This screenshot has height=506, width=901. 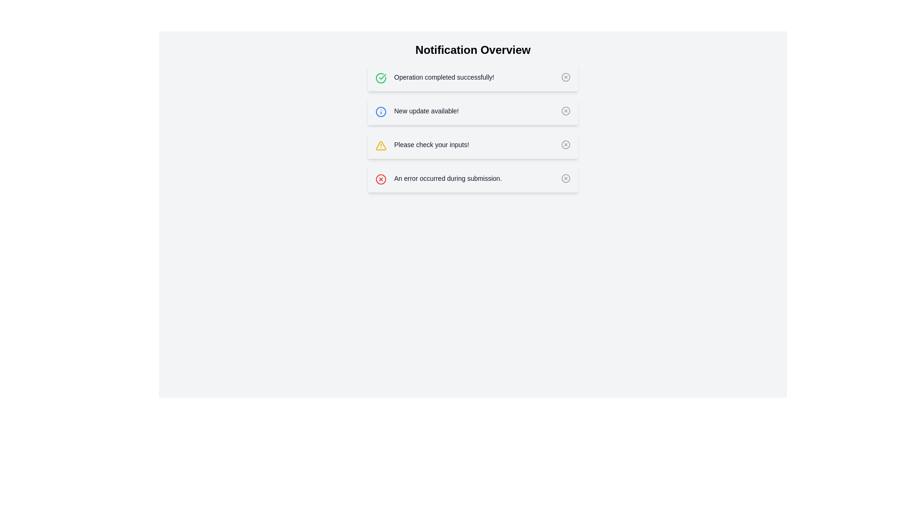 What do you see at coordinates (381, 179) in the screenshot?
I see `the red circular icon with an 'X' inside it, which indicates an error, located in the top-left corner of the notification card stating 'An error occurred during submission.'` at bounding box center [381, 179].